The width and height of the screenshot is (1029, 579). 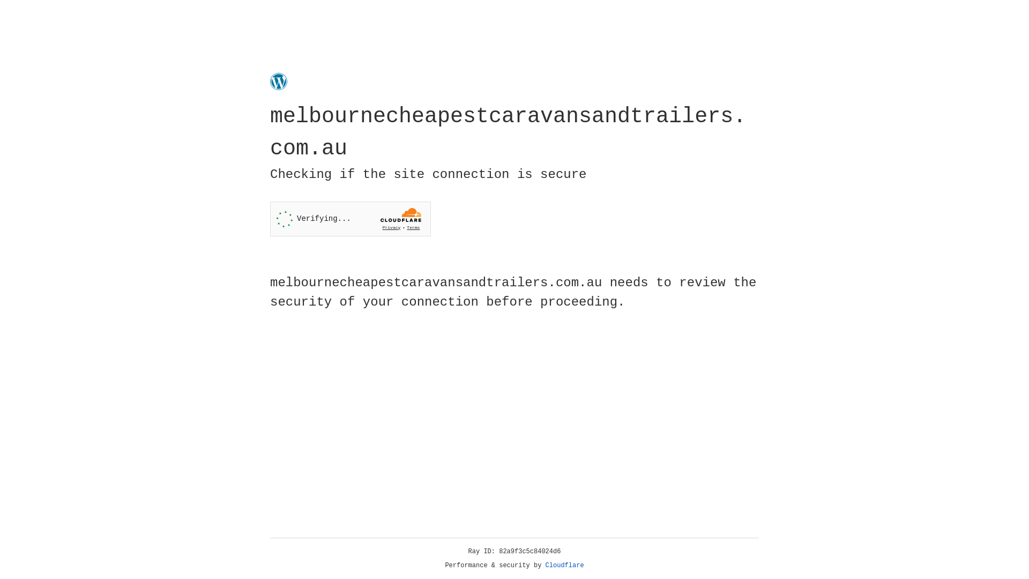 What do you see at coordinates (564, 565) in the screenshot?
I see `'Cloudflare'` at bounding box center [564, 565].